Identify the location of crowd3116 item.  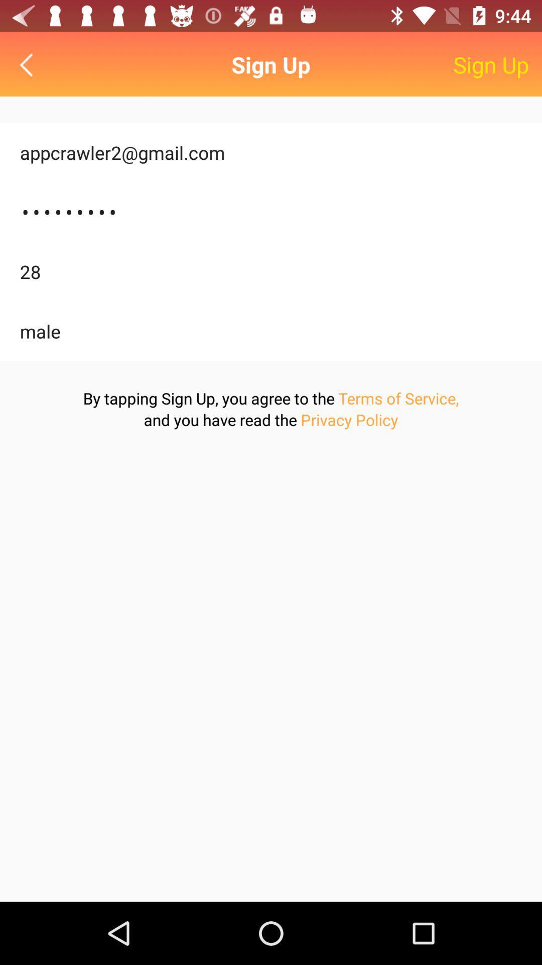
(271, 212).